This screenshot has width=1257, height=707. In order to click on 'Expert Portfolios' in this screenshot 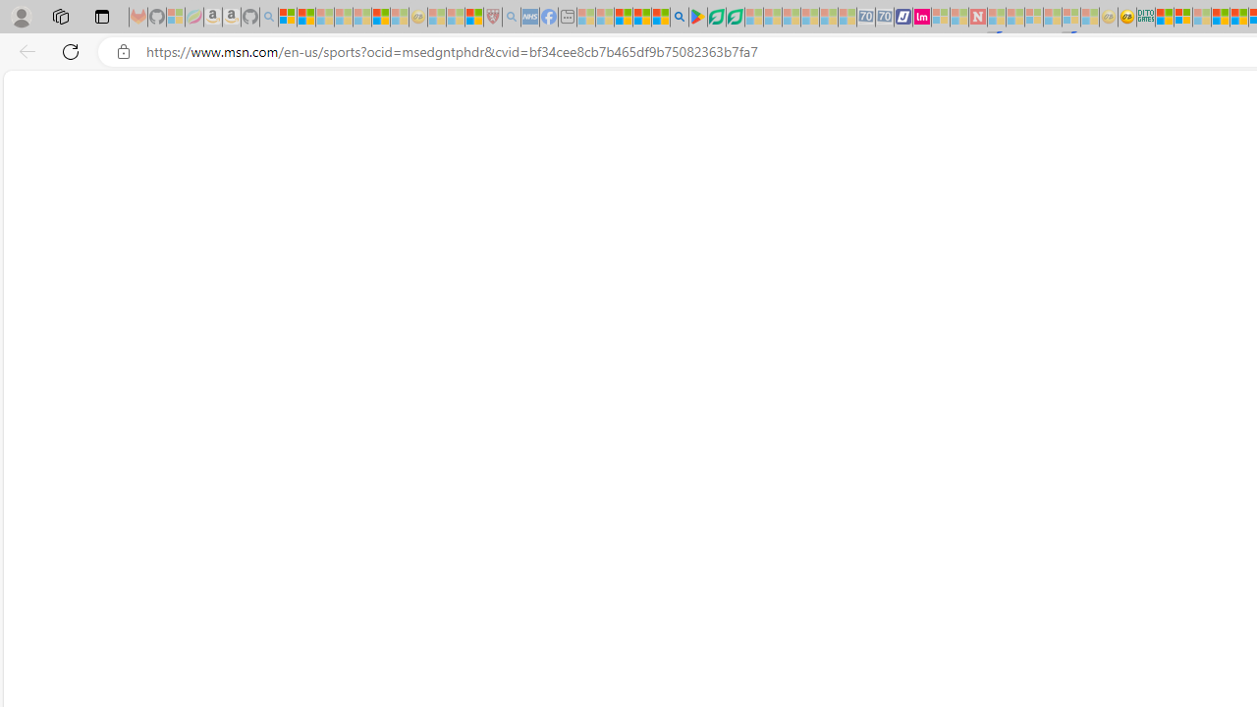, I will do `click(1219, 17)`.